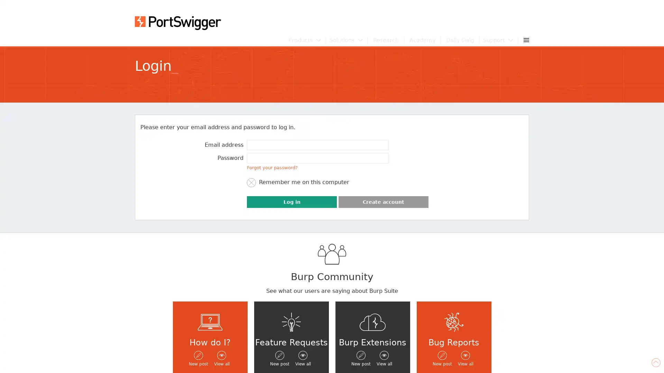 The image size is (664, 373). Describe the element at coordinates (292, 202) in the screenshot. I see `Log in` at that location.